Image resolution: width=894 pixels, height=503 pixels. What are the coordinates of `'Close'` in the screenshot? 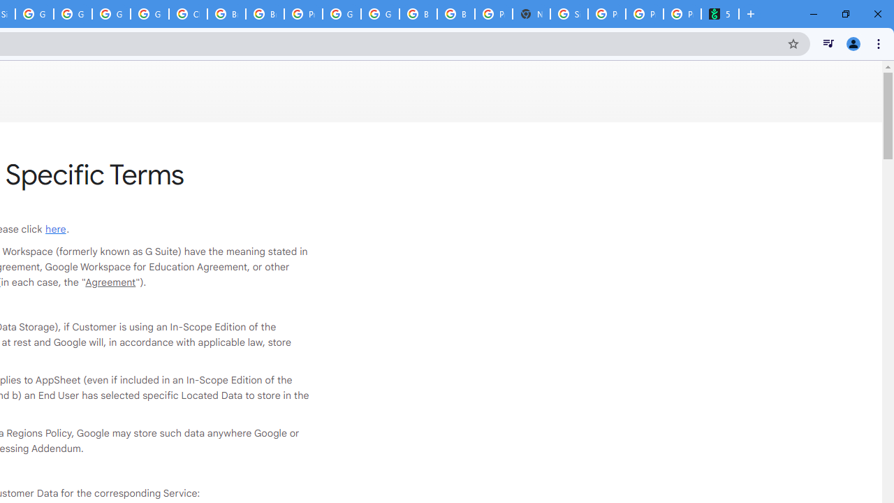 It's located at (877, 14).